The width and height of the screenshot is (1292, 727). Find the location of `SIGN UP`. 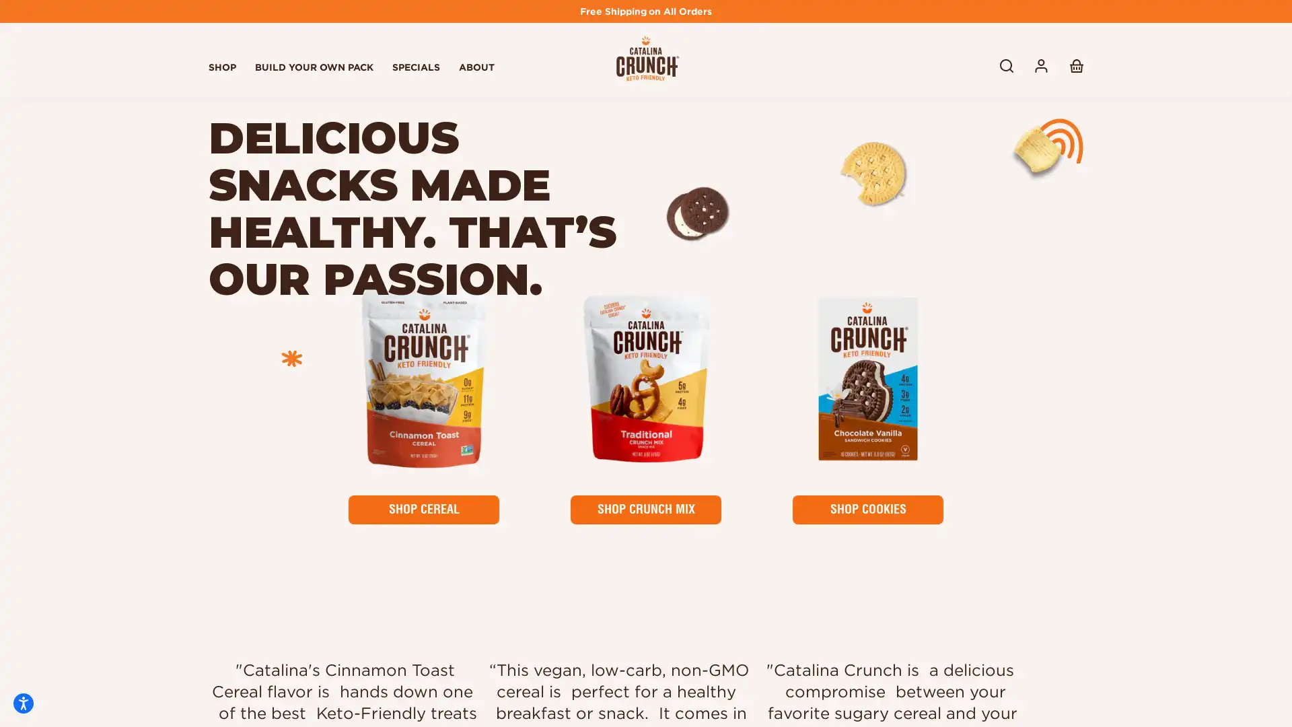

SIGN UP is located at coordinates (1026, 598).